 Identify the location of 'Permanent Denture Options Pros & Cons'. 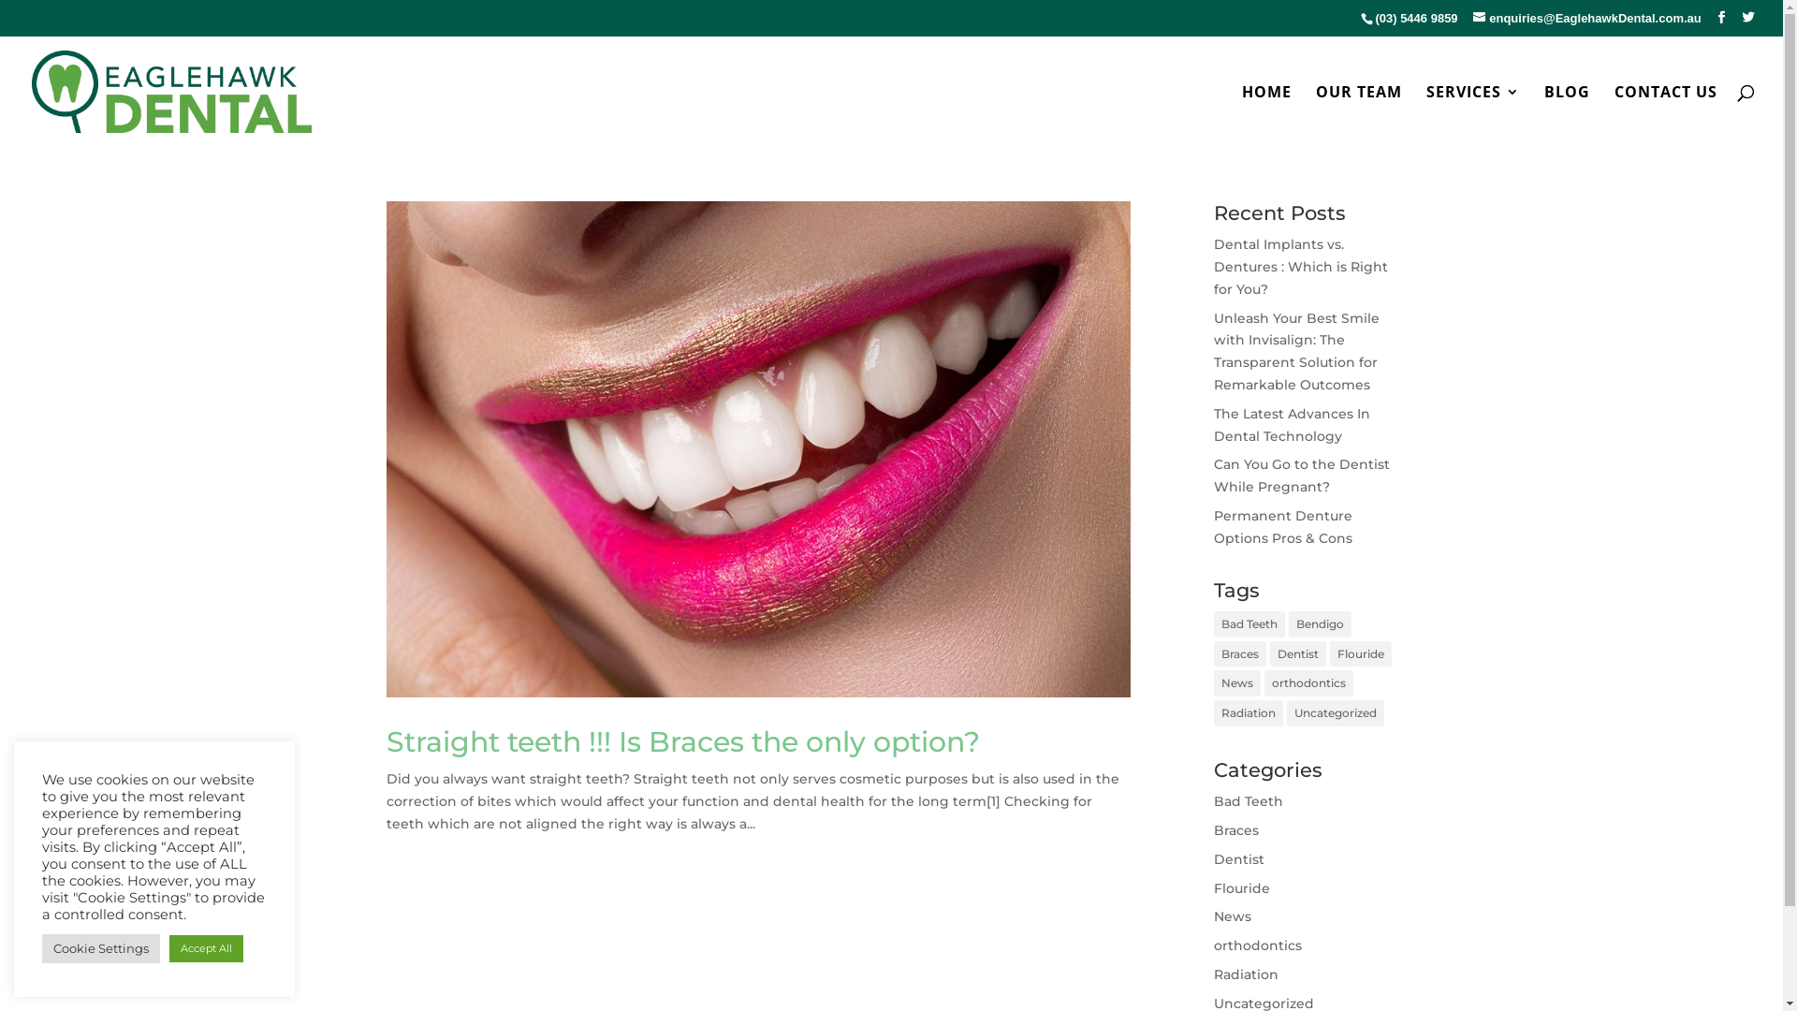
(1282, 527).